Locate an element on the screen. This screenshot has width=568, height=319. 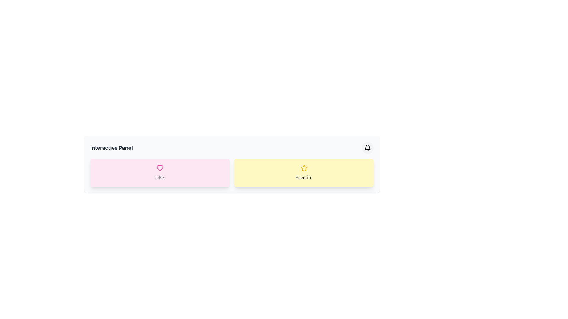
the visual representation of the 'Like' icon, which is centered inside the pink-colored button on the left side of the interface is located at coordinates (160, 168).